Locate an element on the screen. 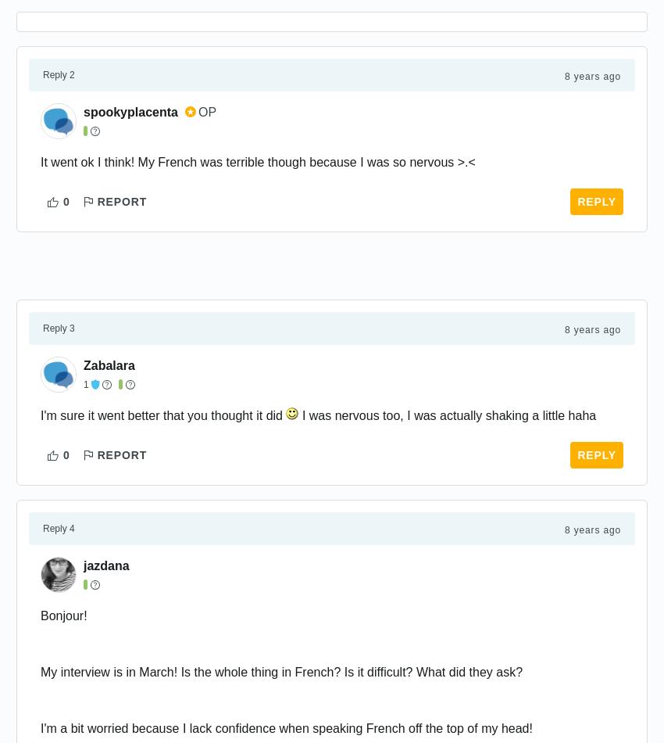  'they' is located at coordinates (468, 671).